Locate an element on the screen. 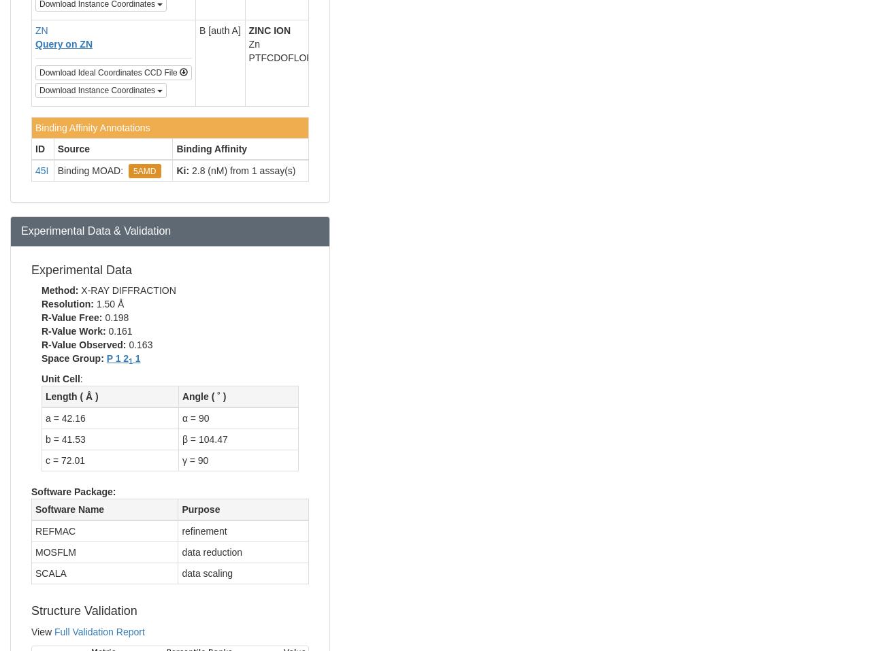 The image size is (882, 651). 'P 1 2' is located at coordinates (116, 358).